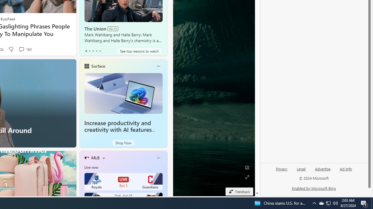  What do you see at coordinates (21, 49) in the screenshot?
I see `'View comments 163 Comment'` at bounding box center [21, 49].